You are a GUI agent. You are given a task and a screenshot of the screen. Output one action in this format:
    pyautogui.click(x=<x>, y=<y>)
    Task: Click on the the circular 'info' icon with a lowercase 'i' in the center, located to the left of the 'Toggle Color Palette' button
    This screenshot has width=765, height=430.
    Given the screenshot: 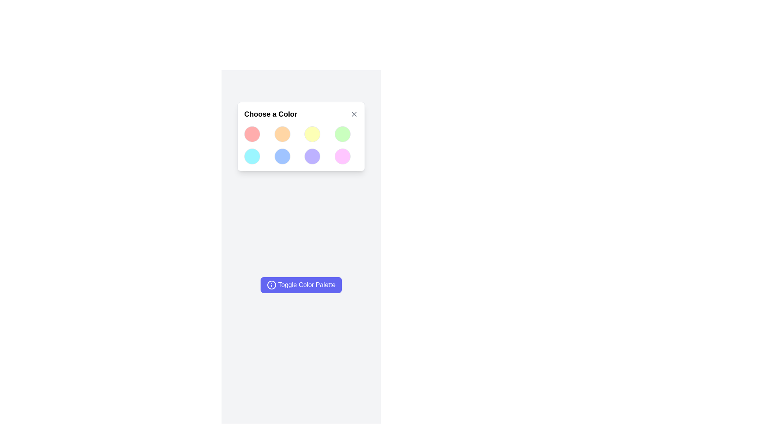 What is the action you would take?
    pyautogui.click(x=271, y=285)
    